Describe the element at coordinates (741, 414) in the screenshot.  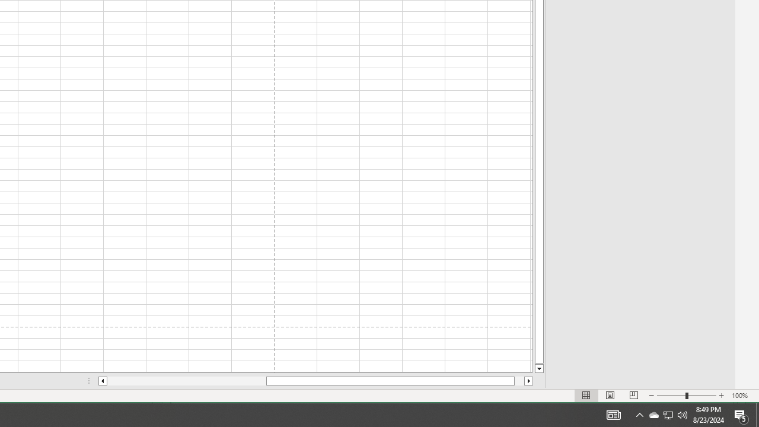
I see `'Action Center, 5 new notifications'` at that location.